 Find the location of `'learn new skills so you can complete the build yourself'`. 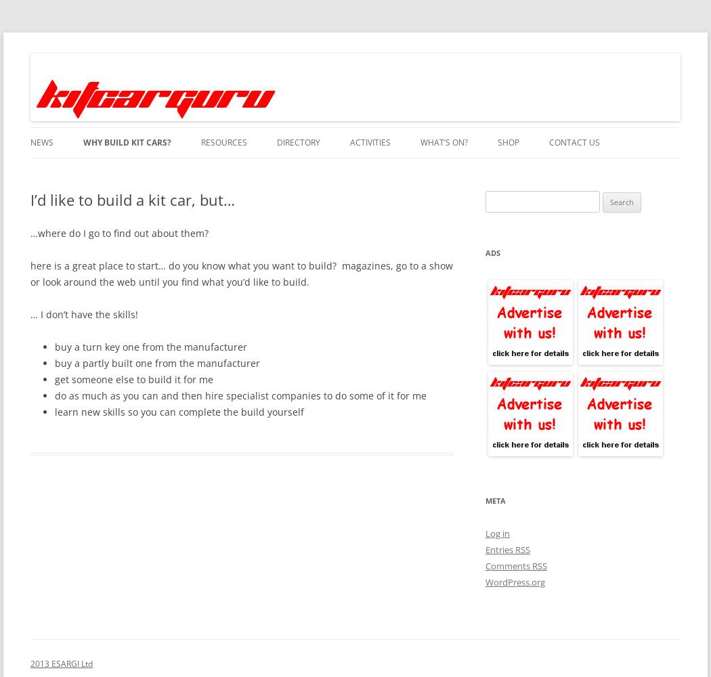

'learn new skills so you can complete the build yourself' is located at coordinates (179, 410).